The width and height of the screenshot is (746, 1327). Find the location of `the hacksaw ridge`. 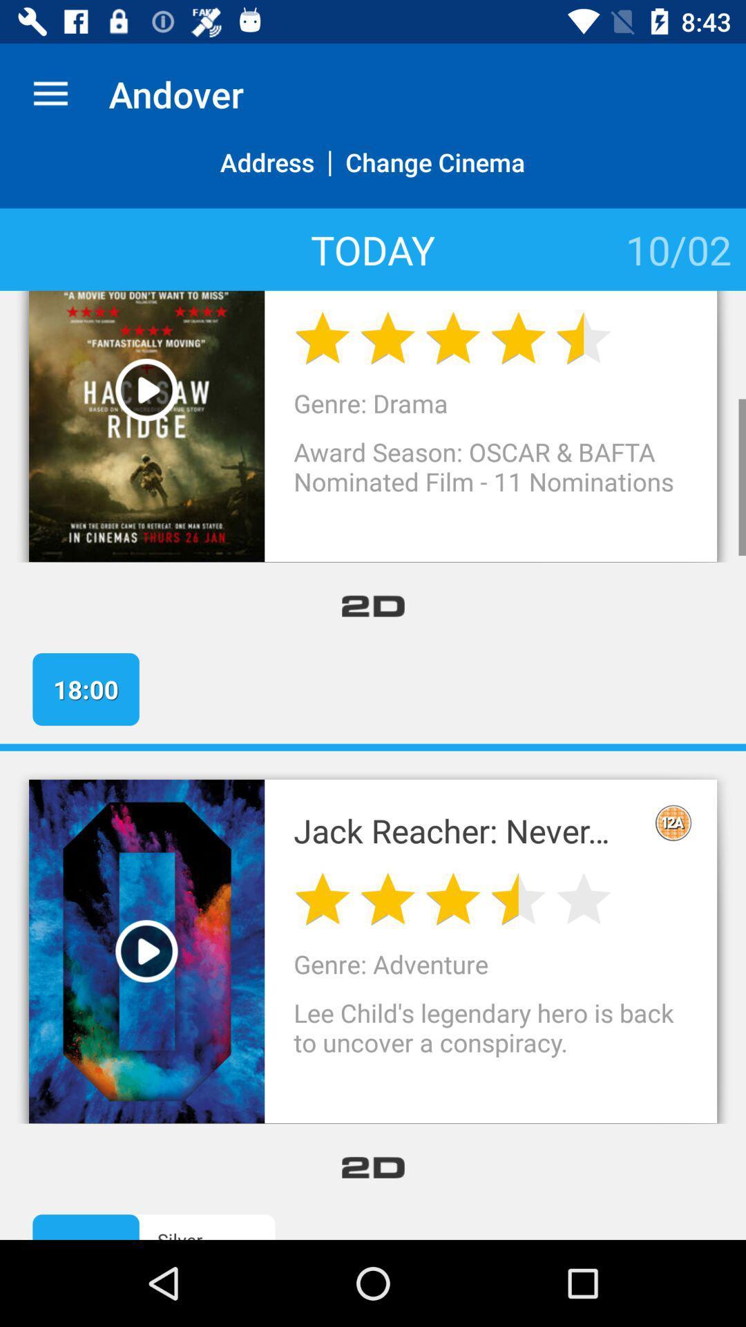

the hacksaw ridge is located at coordinates (465, 290).